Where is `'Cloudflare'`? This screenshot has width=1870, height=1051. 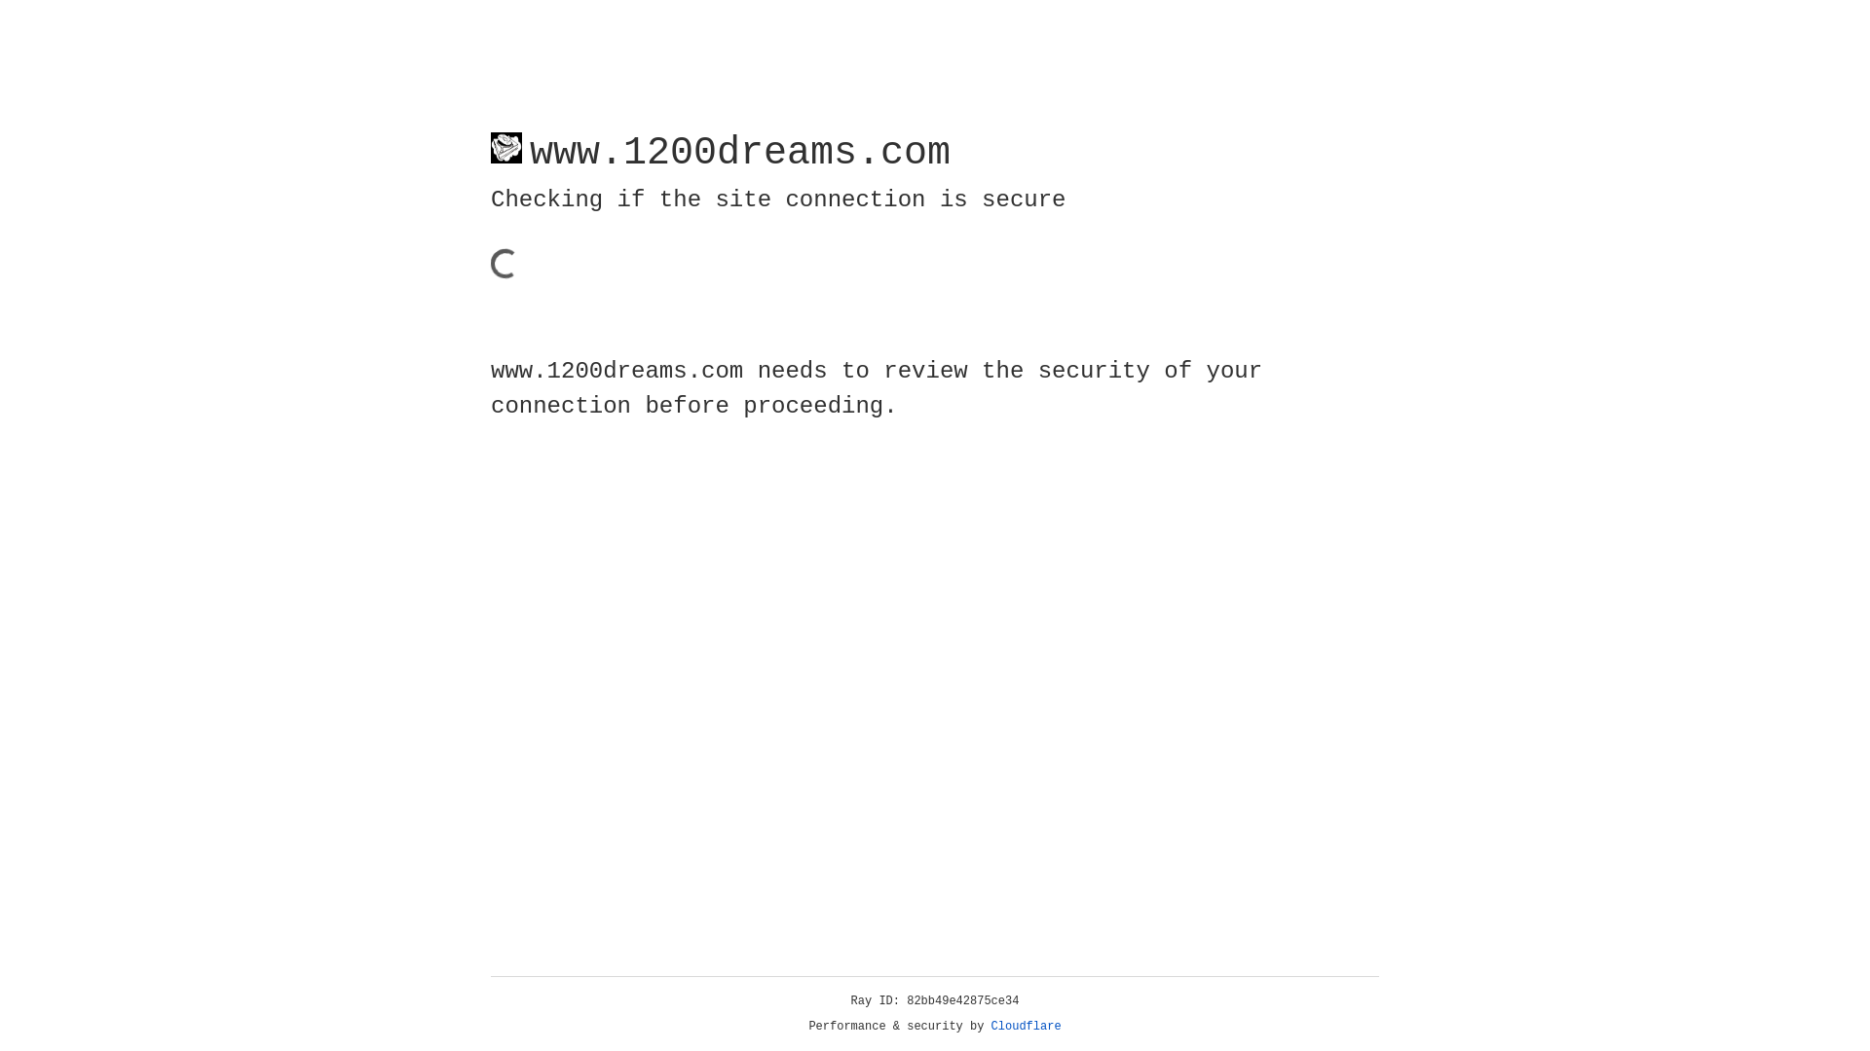 'Cloudflare' is located at coordinates (1026, 1026).